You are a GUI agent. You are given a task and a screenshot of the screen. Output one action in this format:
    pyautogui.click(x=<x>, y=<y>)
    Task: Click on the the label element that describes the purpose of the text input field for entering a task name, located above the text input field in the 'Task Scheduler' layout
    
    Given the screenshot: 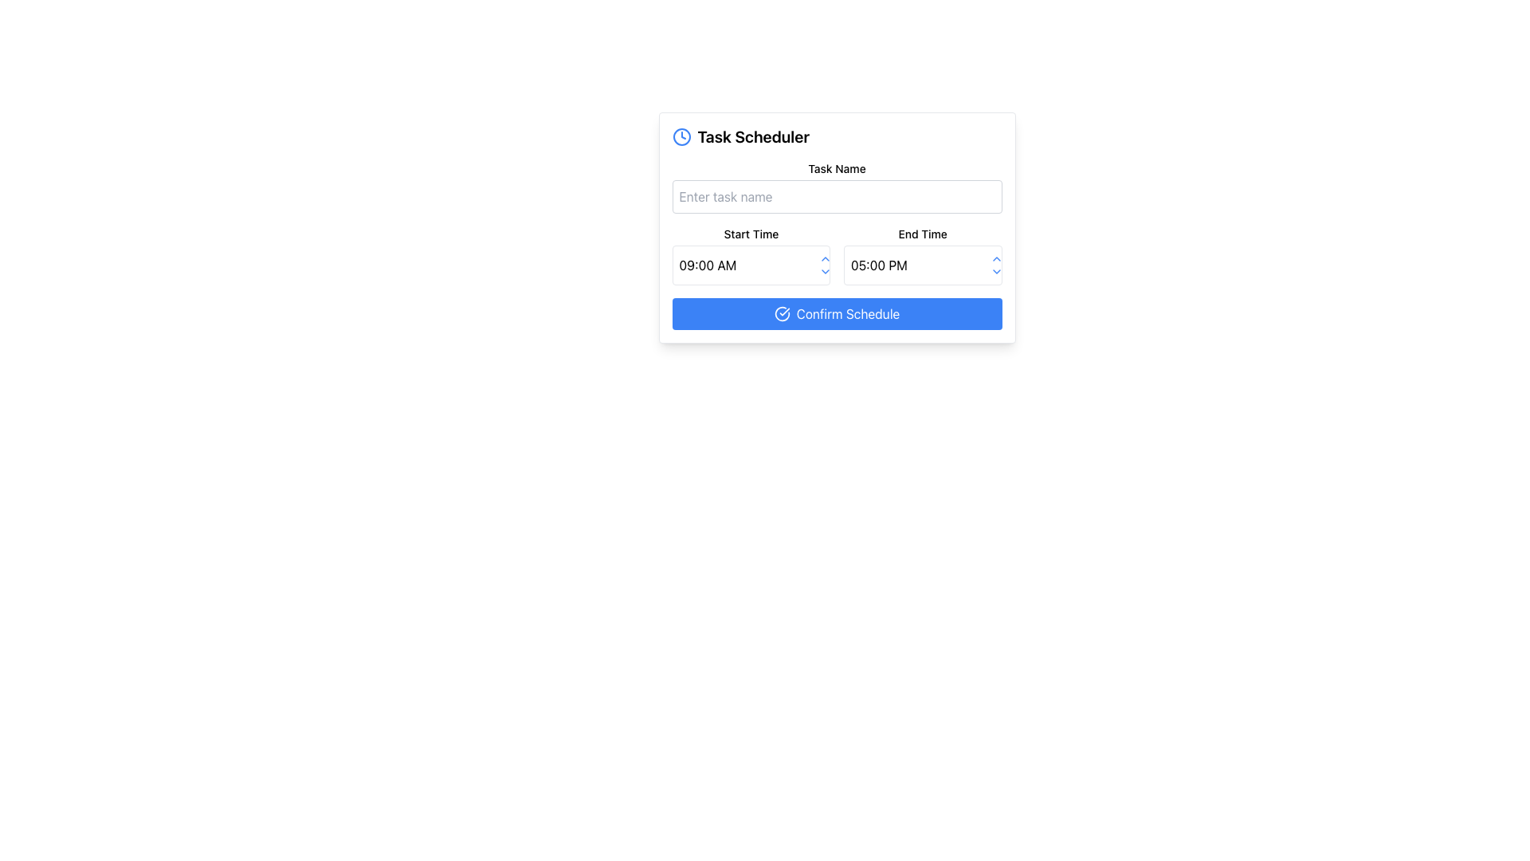 What is the action you would take?
    pyautogui.click(x=836, y=169)
    